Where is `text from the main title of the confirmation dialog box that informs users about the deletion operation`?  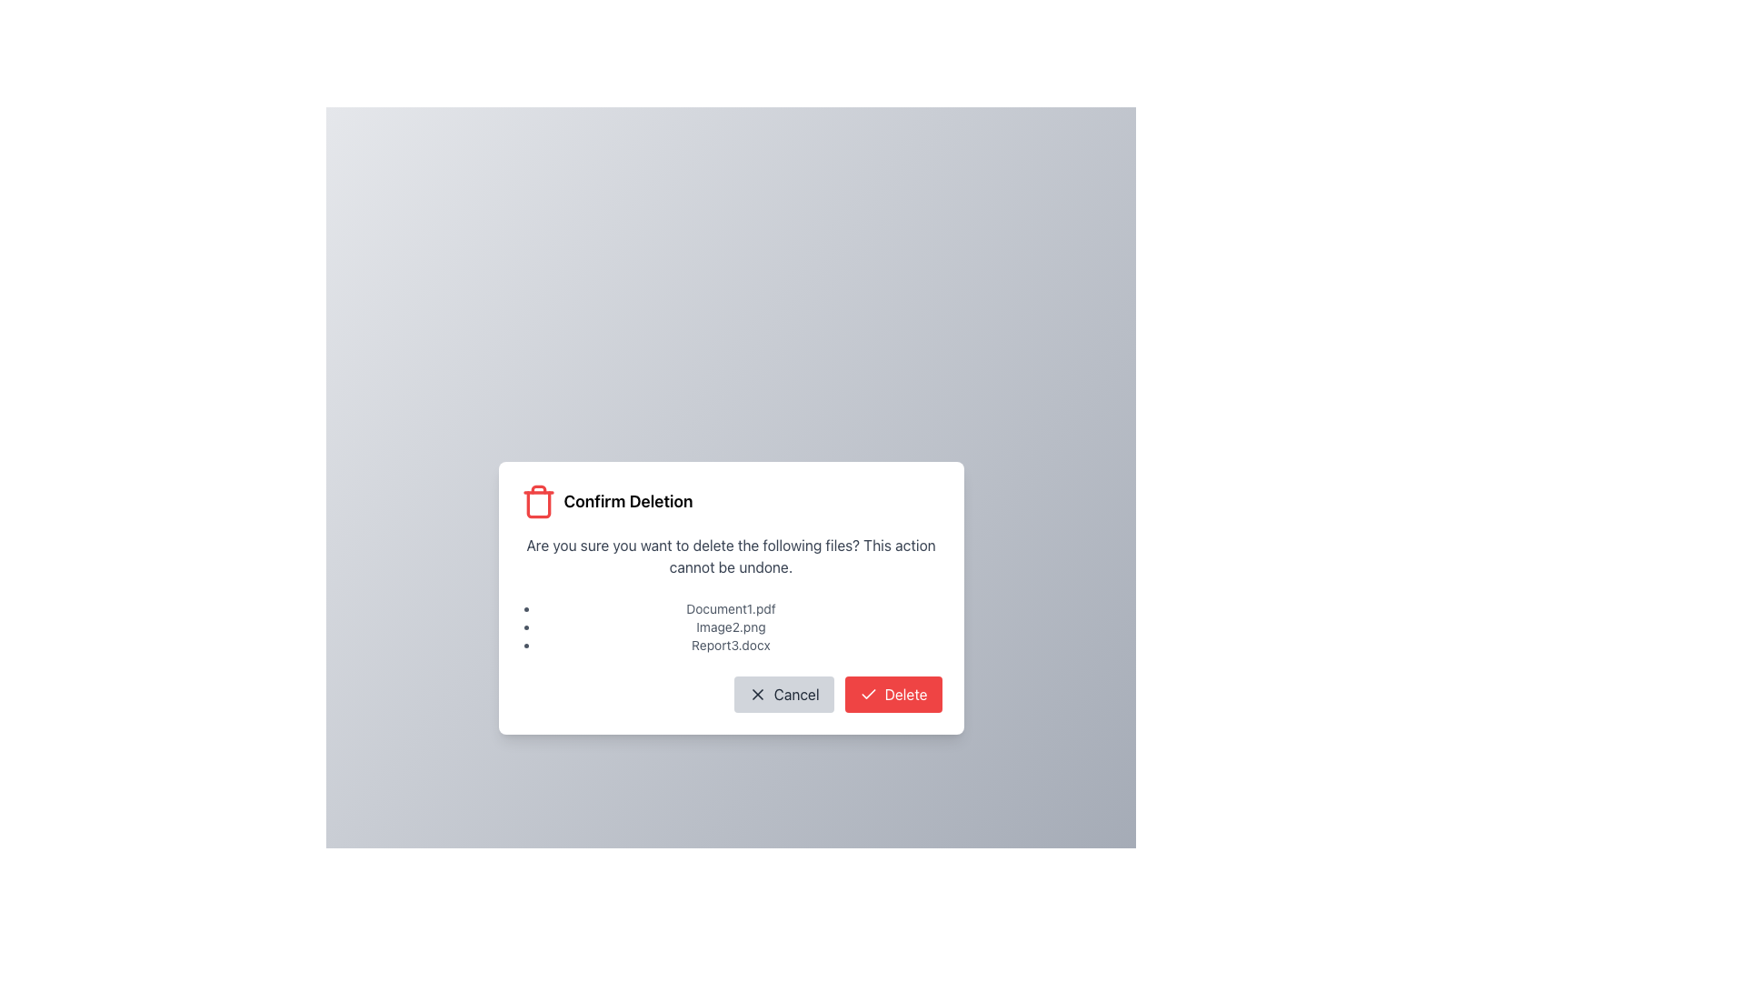 text from the main title of the confirmation dialog box that informs users about the deletion operation is located at coordinates (628, 501).